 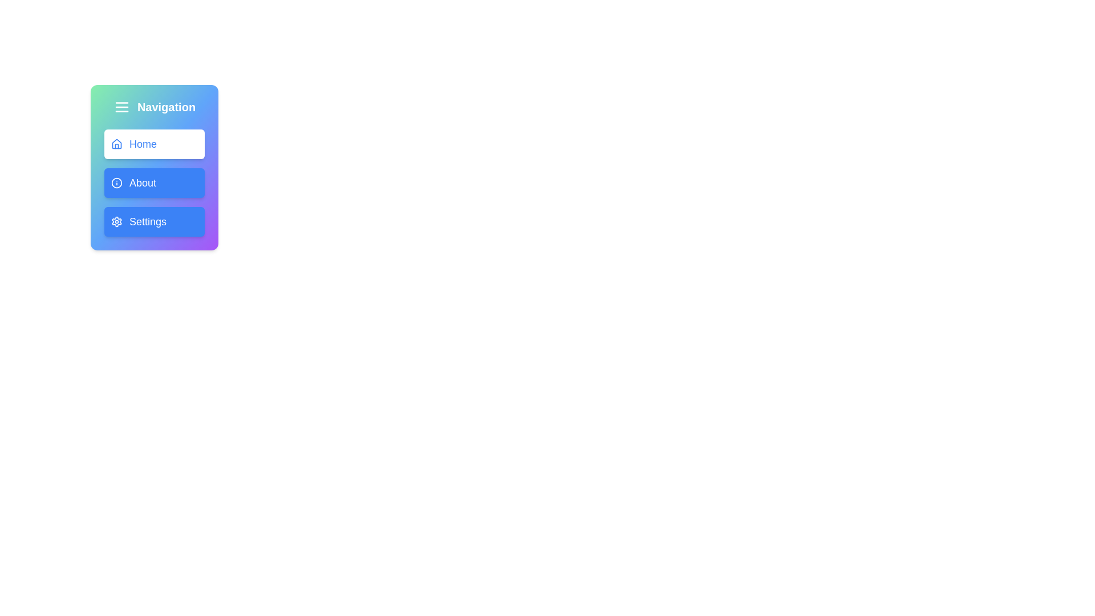 What do you see at coordinates (153, 222) in the screenshot?
I see `the settings button located in the navigation panel, which is the third button in a vertical sequence` at bounding box center [153, 222].